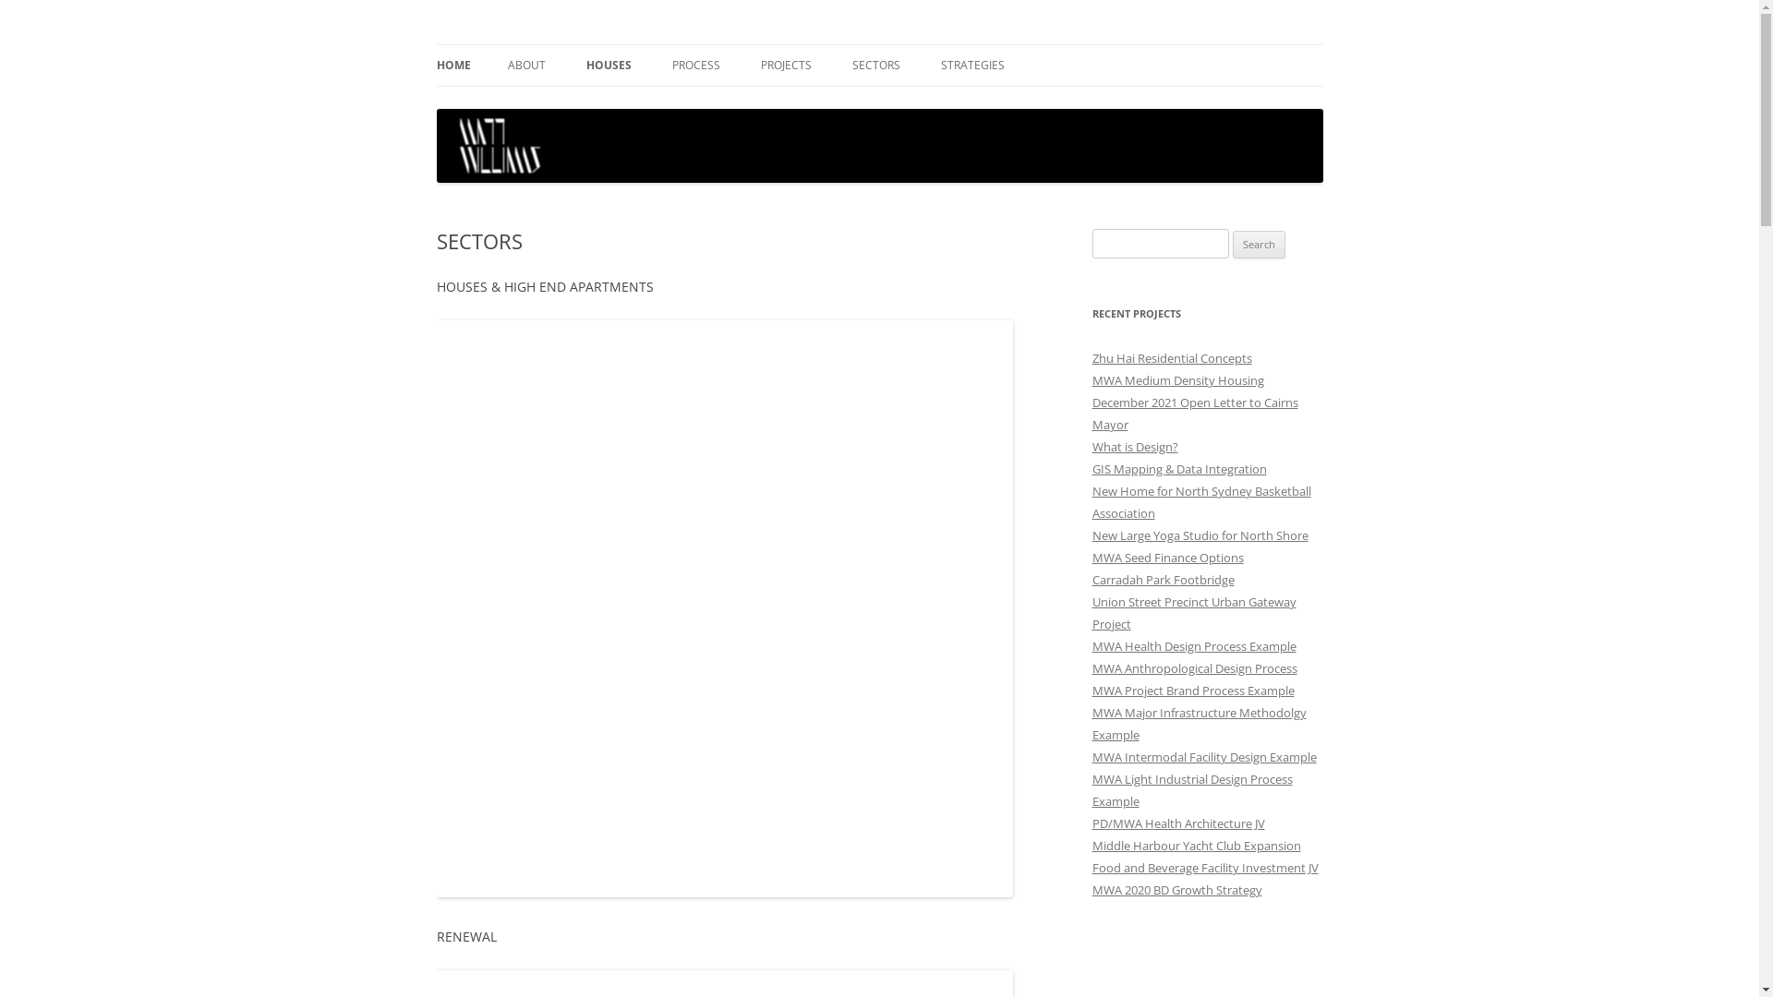 Image resolution: width=1773 pixels, height=997 pixels. I want to click on 'MWA Light Industrial Design Process Example', so click(1191, 789).